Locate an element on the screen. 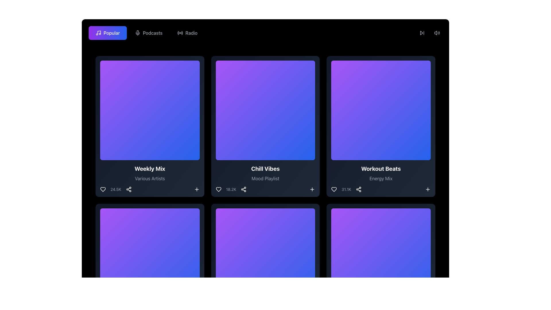  the small plus sign button located at the bottom right corner of the 'Chill Vibes' playlist card is located at coordinates (312, 189).